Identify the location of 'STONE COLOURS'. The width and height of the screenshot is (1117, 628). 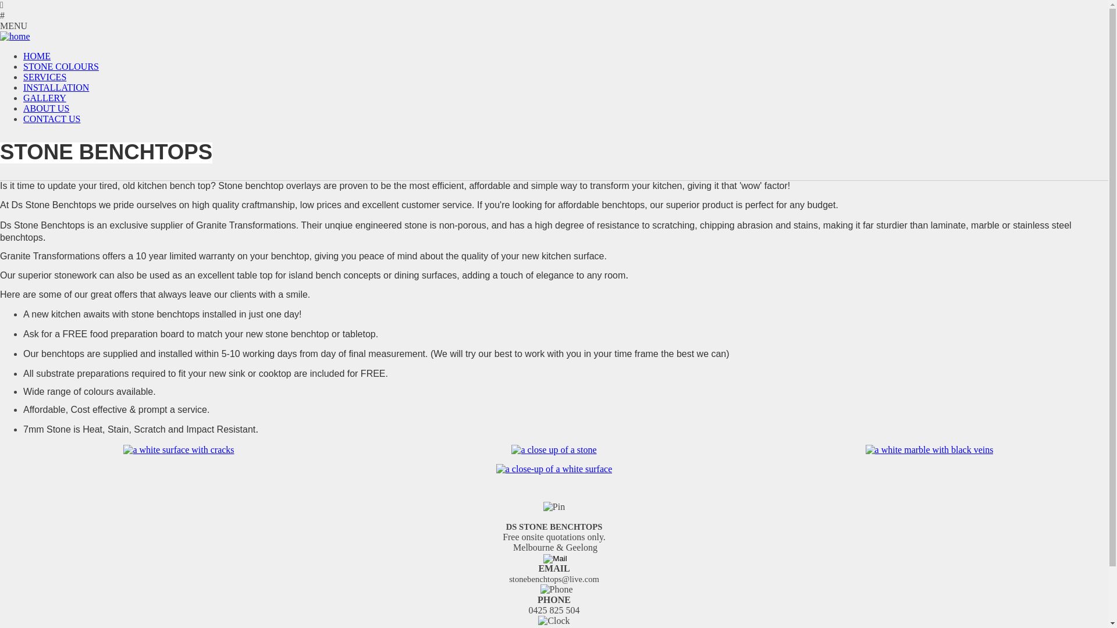
(61, 66).